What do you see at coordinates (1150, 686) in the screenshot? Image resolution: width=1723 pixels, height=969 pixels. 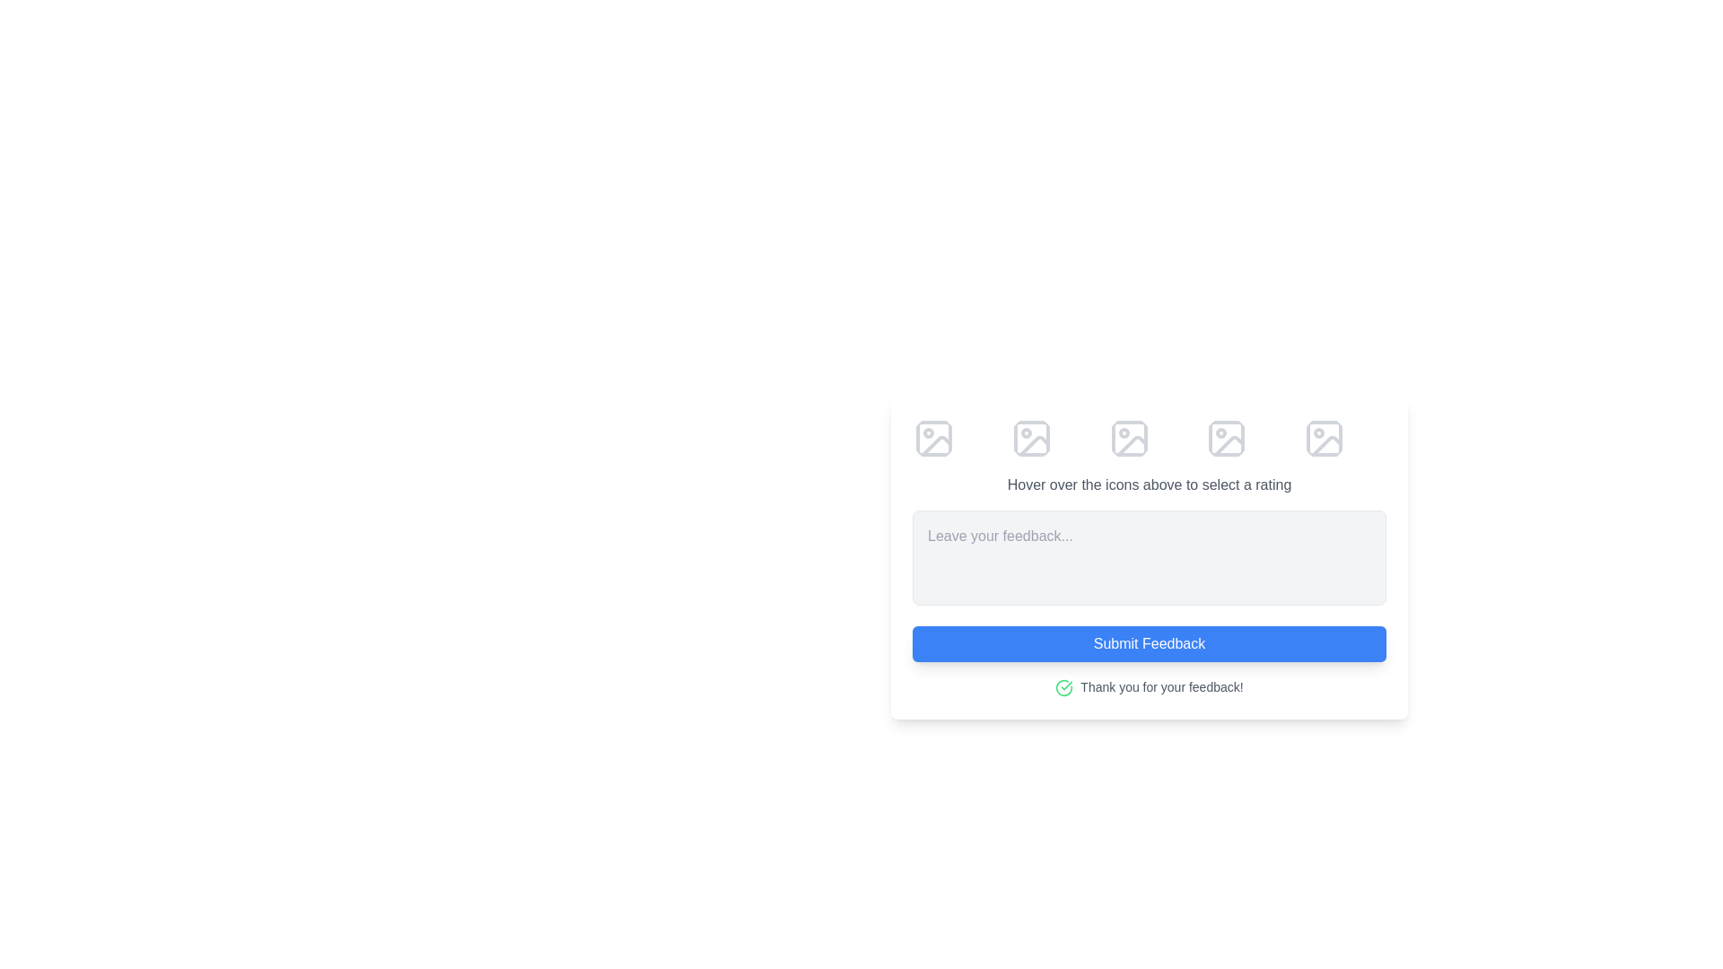 I see `static text message 'Thank you for your feedback!' which is displayed in a centered alignment below the Submit Feedback button, accompanied by a green circular checkmark icon` at bounding box center [1150, 686].